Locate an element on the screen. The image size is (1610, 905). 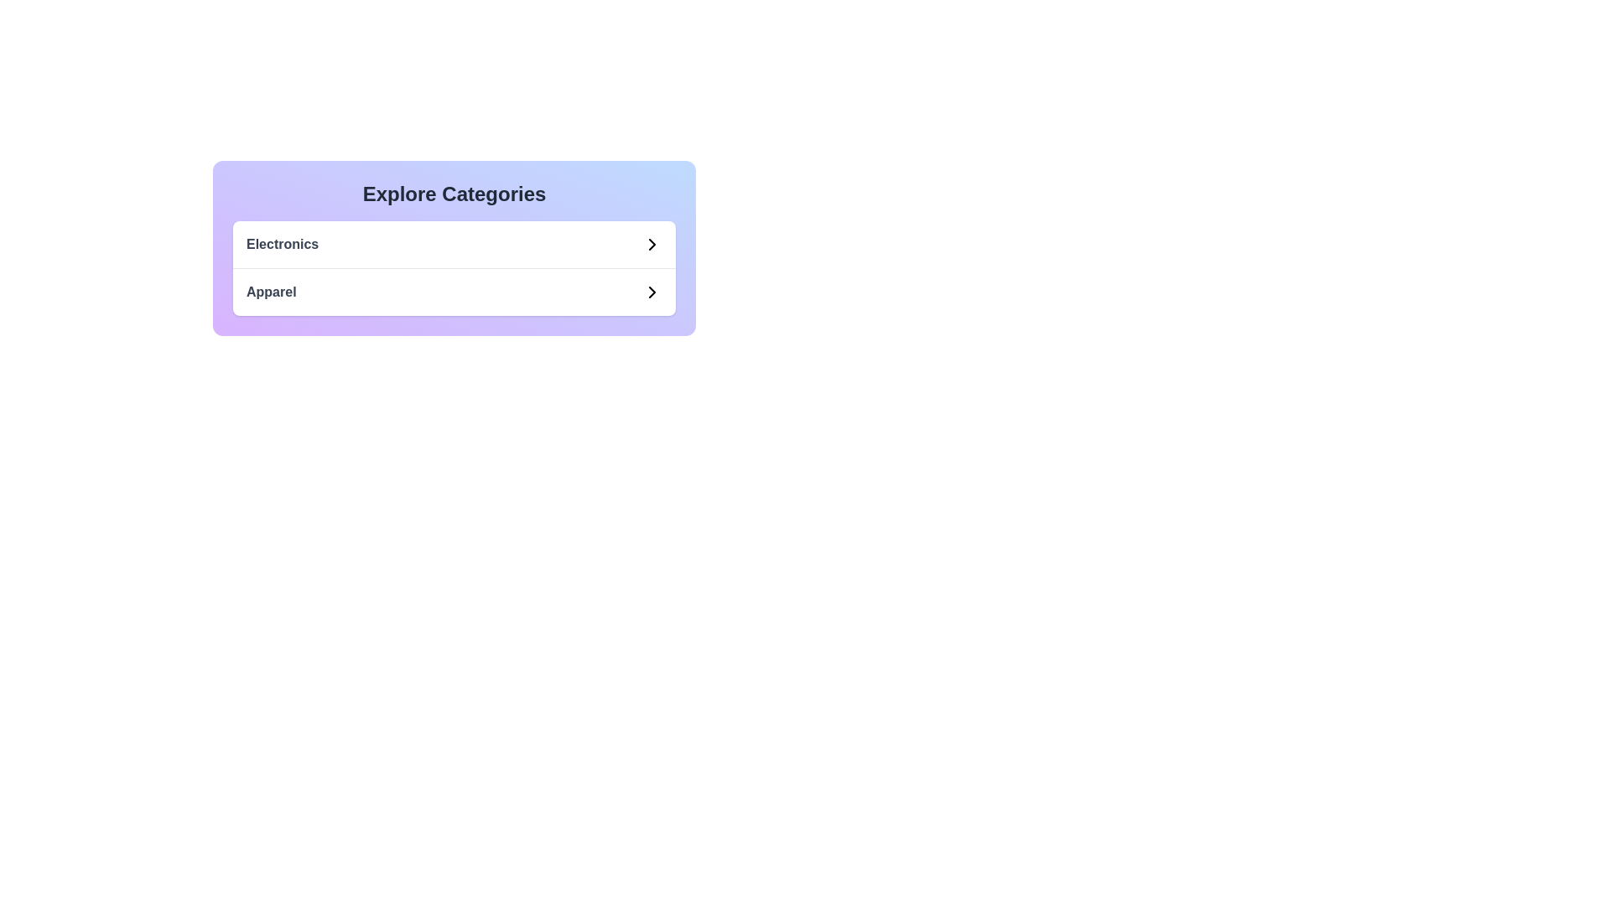
the chevron icon located at the end of the 'Apparel' label, indicating a submenu or navigation action related to the 'Apparel' category is located at coordinates (651, 291).